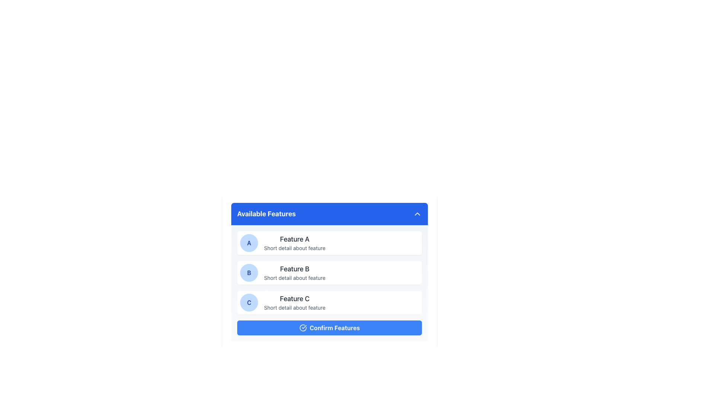 The height and width of the screenshot is (402, 715). What do you see at coordinates (329, 243) in the screenshot?
I see `the first Feature card that displays 'Feature A' in the vertical list of available features` at bounding box center [329, 243].